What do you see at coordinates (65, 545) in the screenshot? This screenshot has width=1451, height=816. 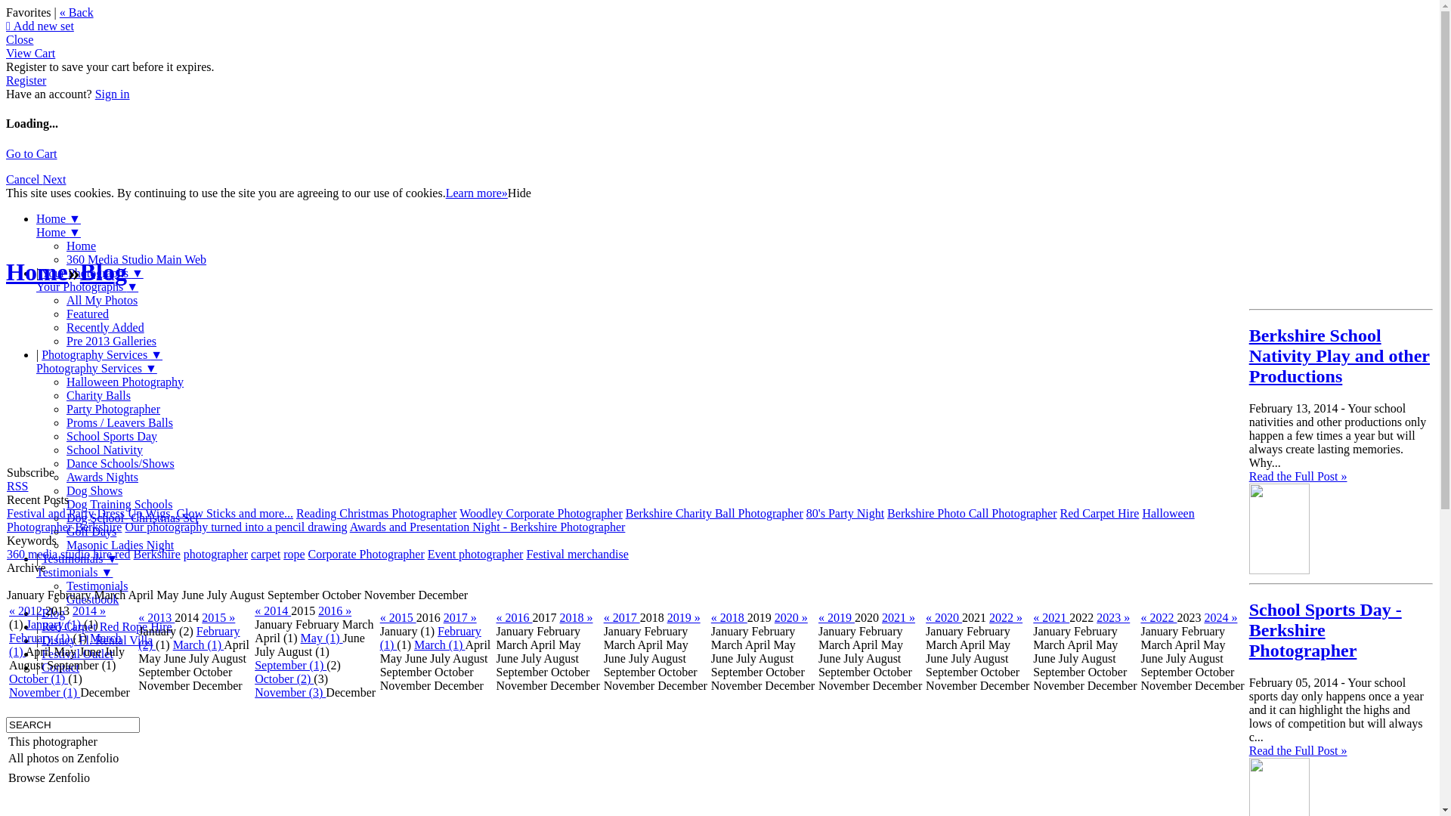 I see `'Masonic Ladies Night'` at bounding box center [65, 545].